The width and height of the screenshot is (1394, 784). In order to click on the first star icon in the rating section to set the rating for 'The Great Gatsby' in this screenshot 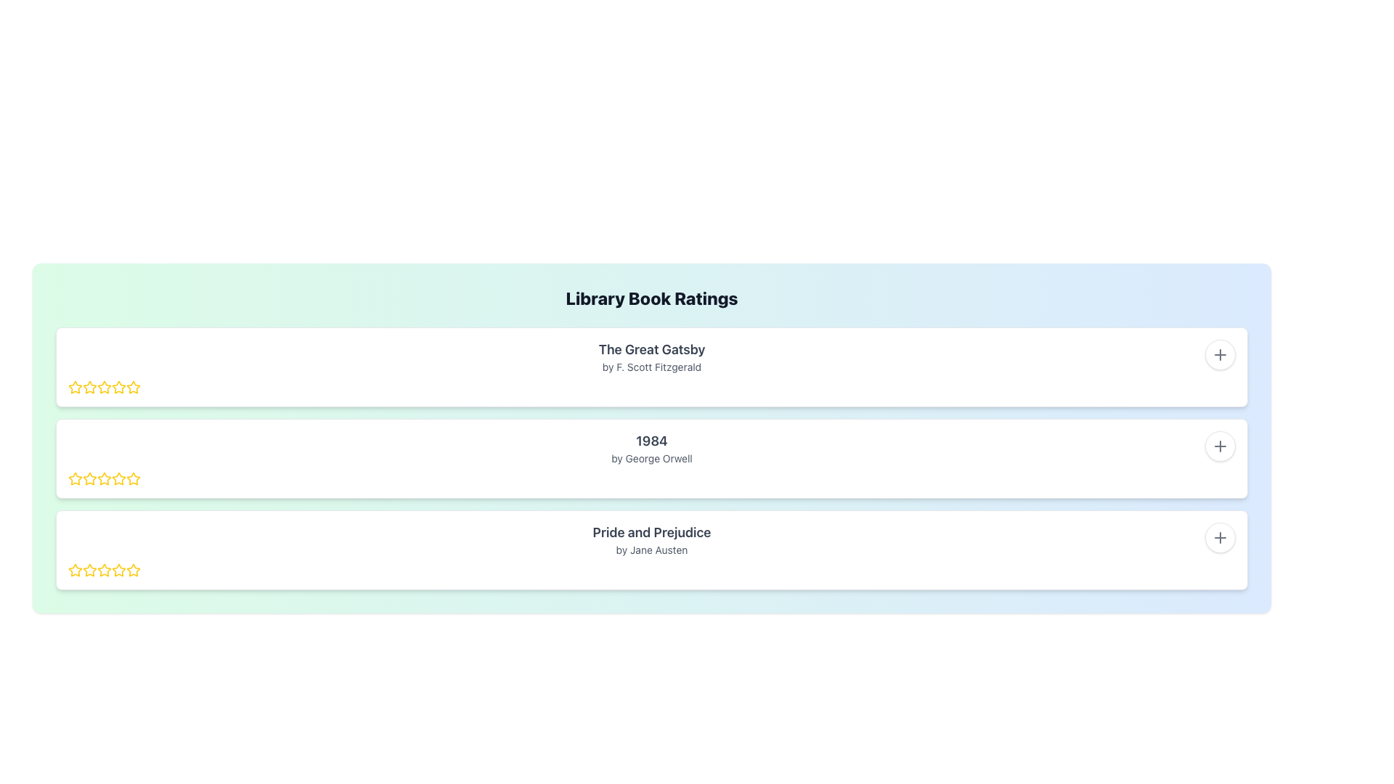, I will do `click(75, 386)`.